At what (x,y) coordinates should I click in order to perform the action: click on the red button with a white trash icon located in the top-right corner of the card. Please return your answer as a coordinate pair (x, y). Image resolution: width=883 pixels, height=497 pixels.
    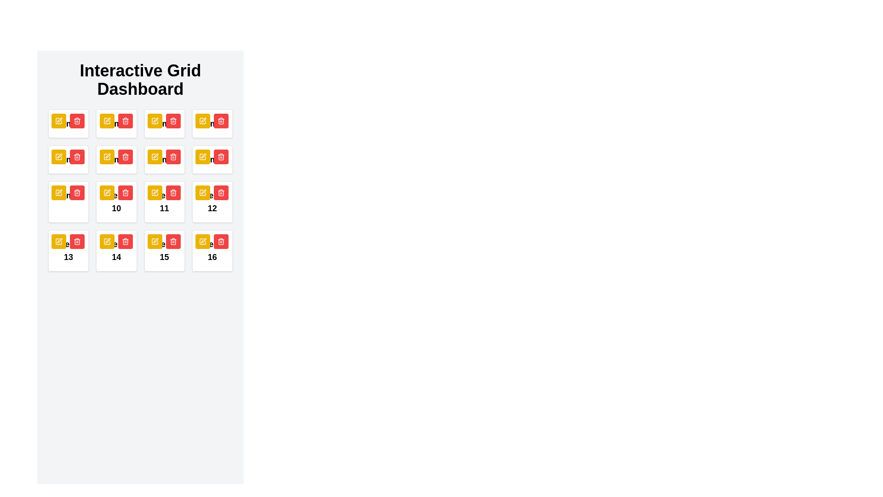
    Looking at the image, I should click on (173, 192).